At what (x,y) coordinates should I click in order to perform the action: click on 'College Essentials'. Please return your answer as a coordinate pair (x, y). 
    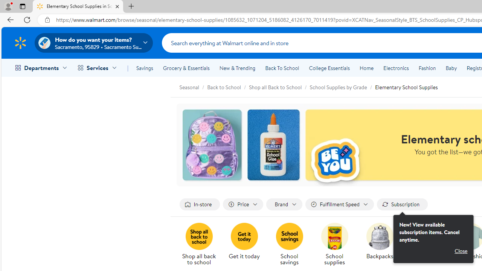
    Looking at the image, I should click on (329, 68).